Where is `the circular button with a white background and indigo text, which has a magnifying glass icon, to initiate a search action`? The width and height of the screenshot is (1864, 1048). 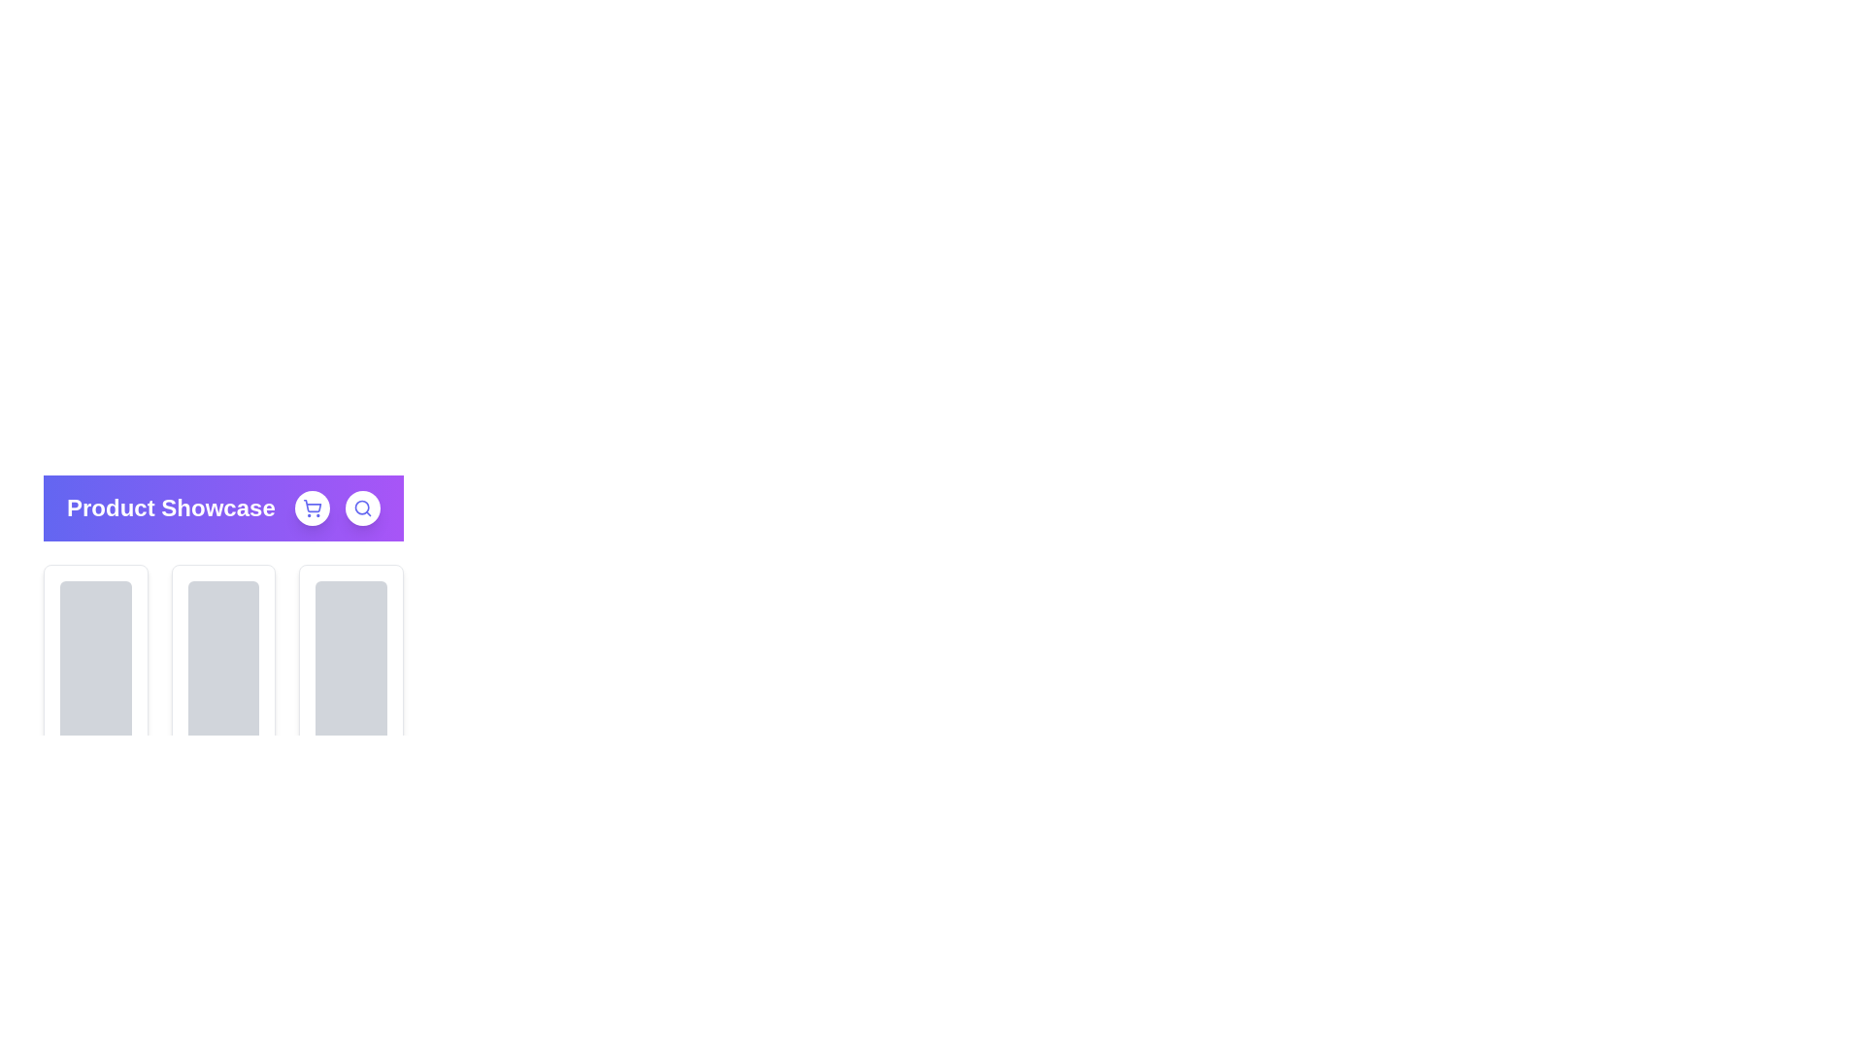
the circular button with a white background and indigo text, which has a magnifying glass icon, to initiate a search action is located at coordinates (363, 508).